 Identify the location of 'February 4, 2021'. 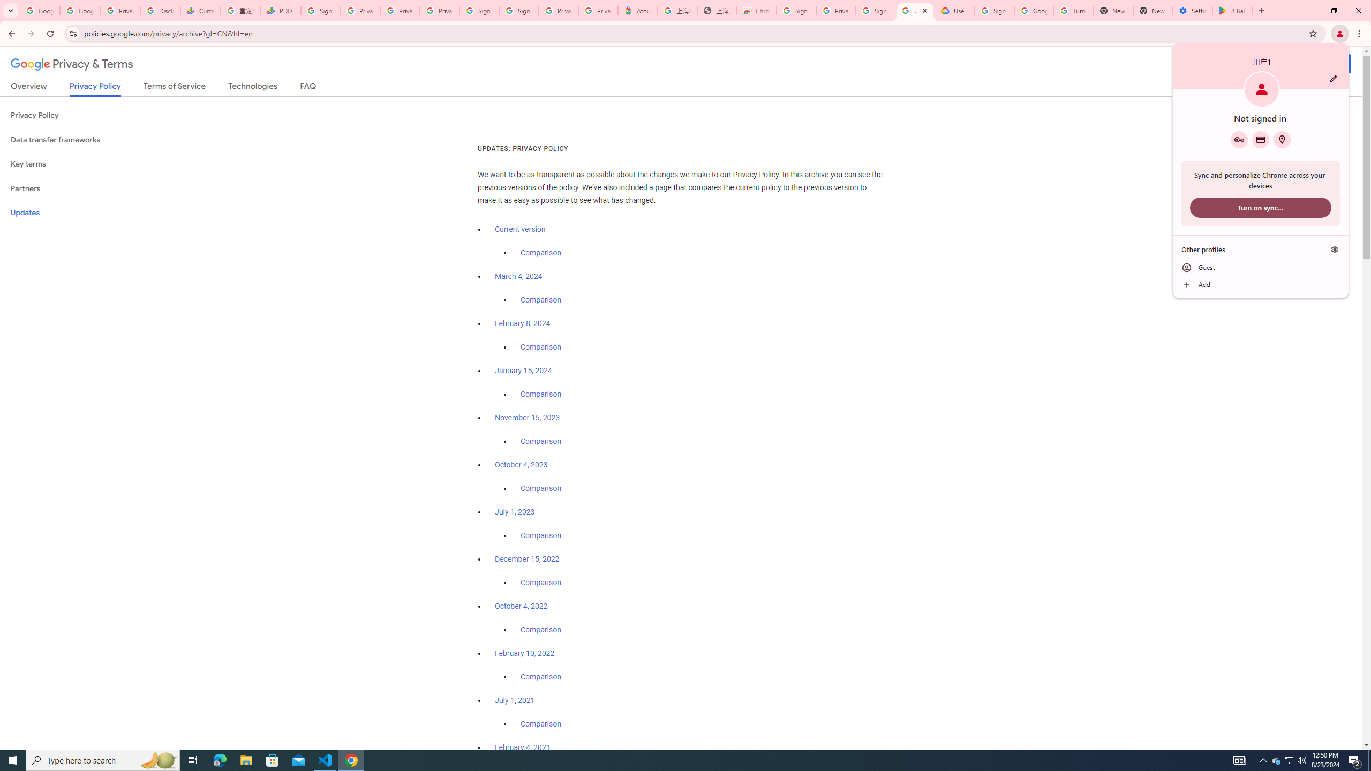
(522, 747).